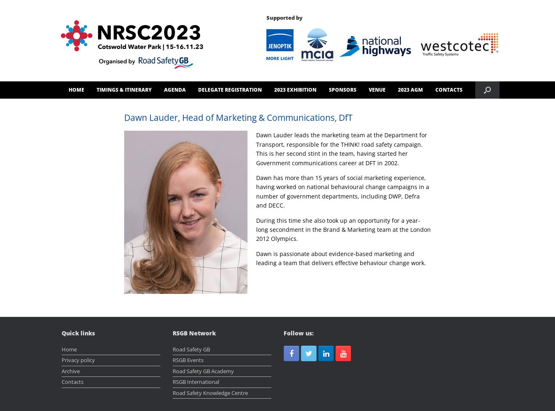 Image resolution: width=555 pixels, height=411 pixels. What do you see at coordinates (187, 360) in the screenshot?
I see `'RSGB Events'` at bounding box center [187, 360].